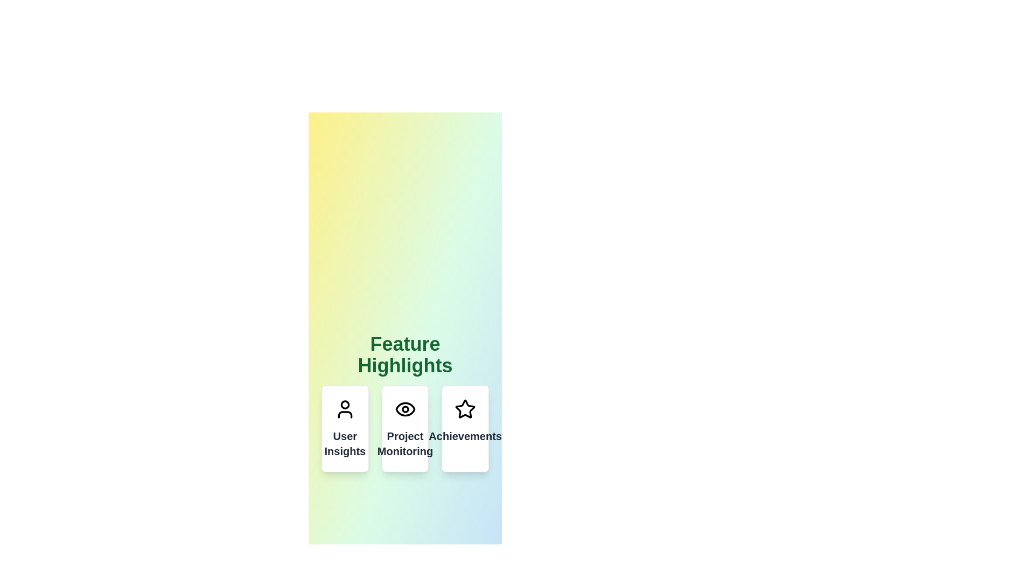 The height and width of the screenshot is (581, 1034). Describe the element at coordinates (465, 409) in the screenshot. I see `the star icon located at the top central section of the 'Achievements' card, which signifies achievements or accolades` at that location.